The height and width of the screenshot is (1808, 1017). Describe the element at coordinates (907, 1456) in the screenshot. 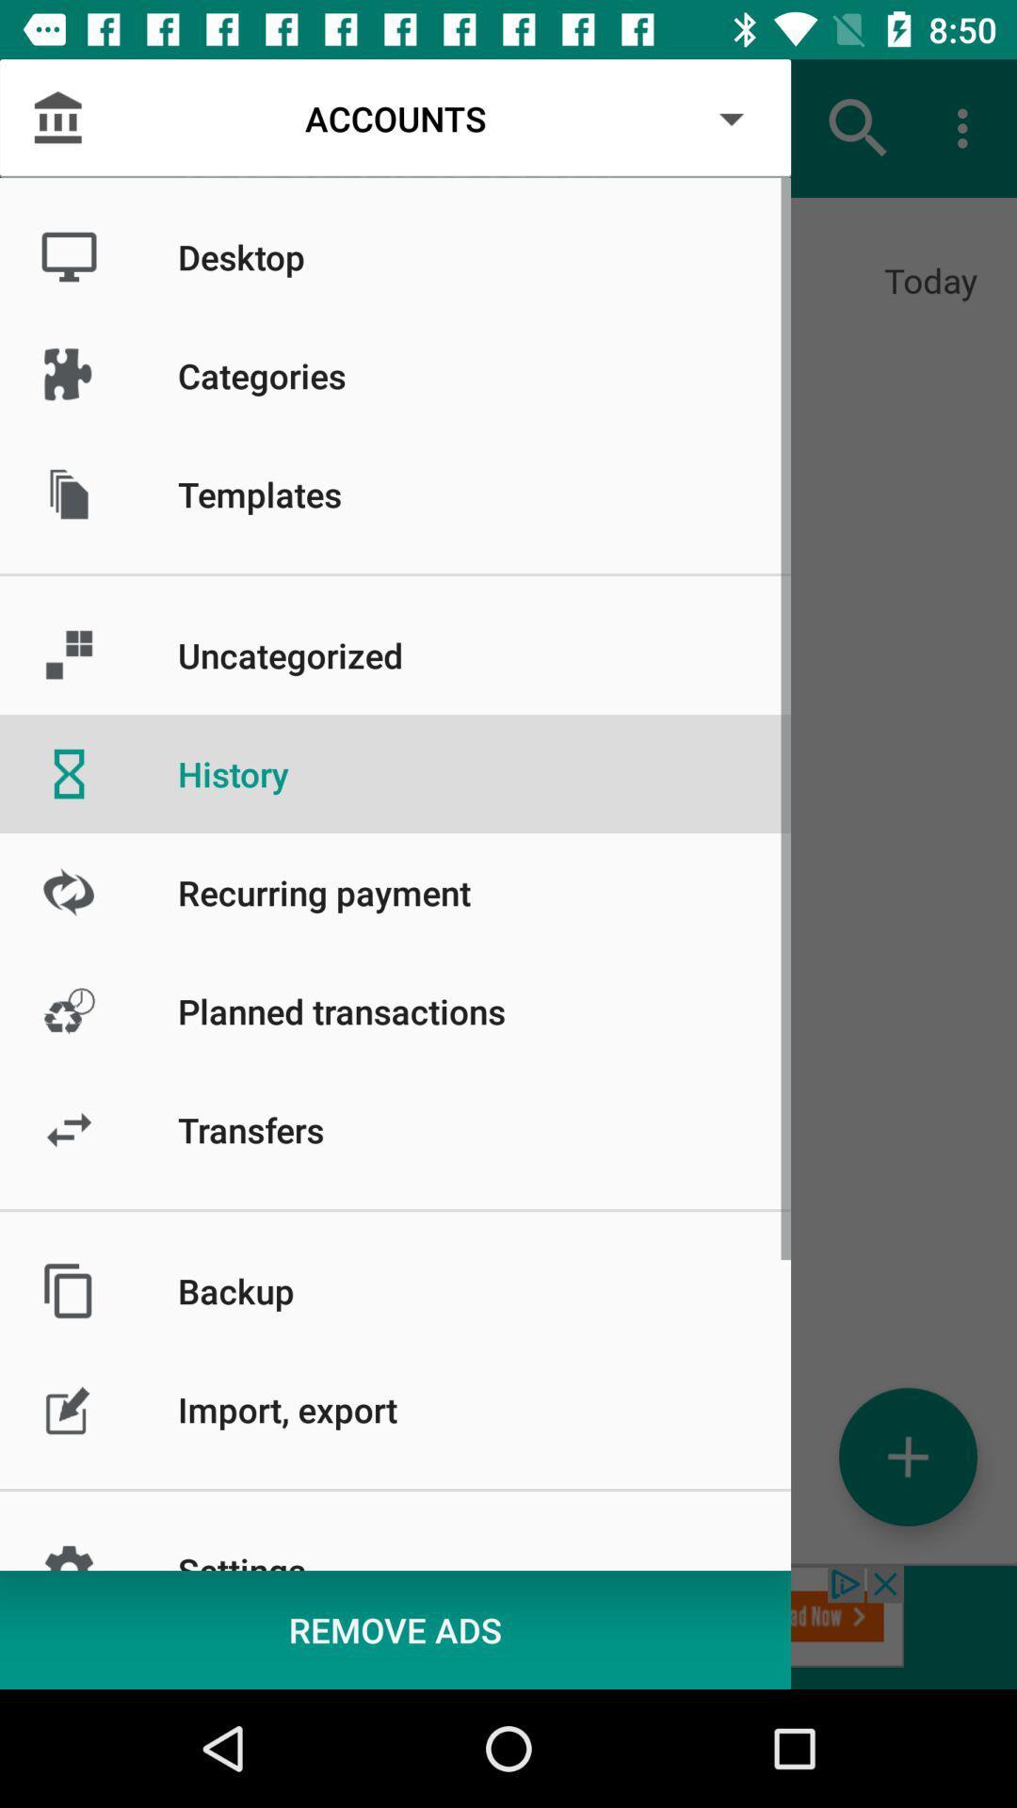

I see `the add icon` at that location.